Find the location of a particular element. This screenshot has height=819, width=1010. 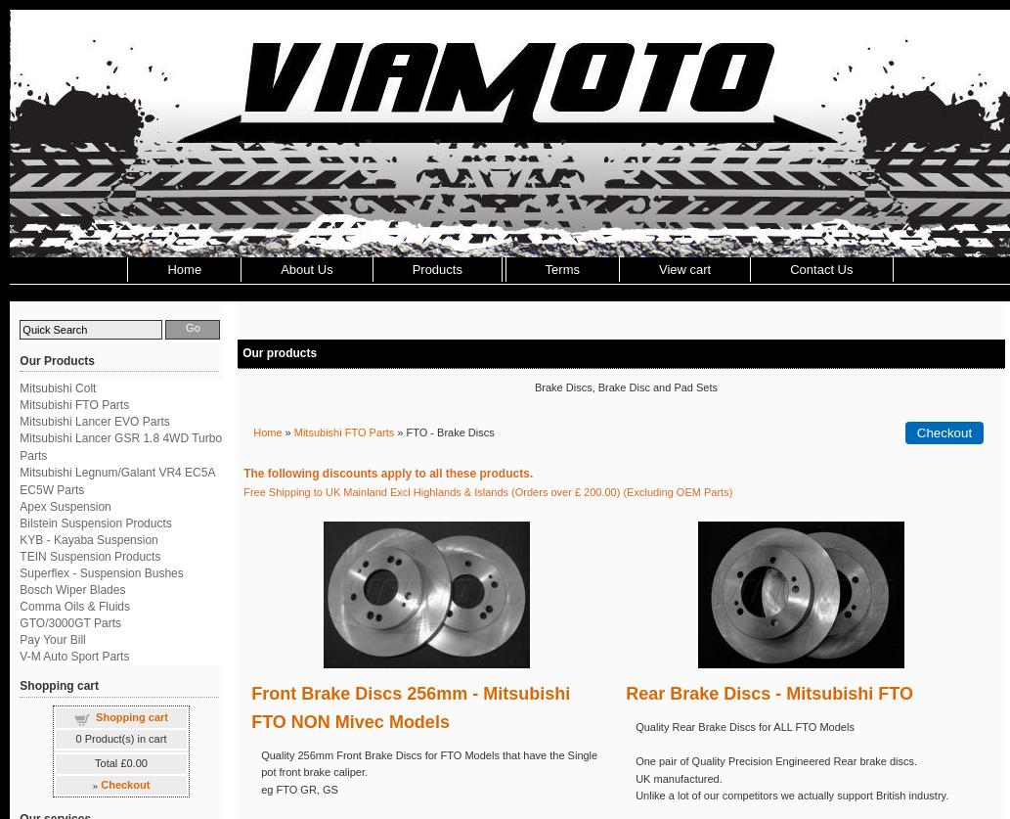

'GTO/3000GT Parts' is located at coordinates (20, 623).